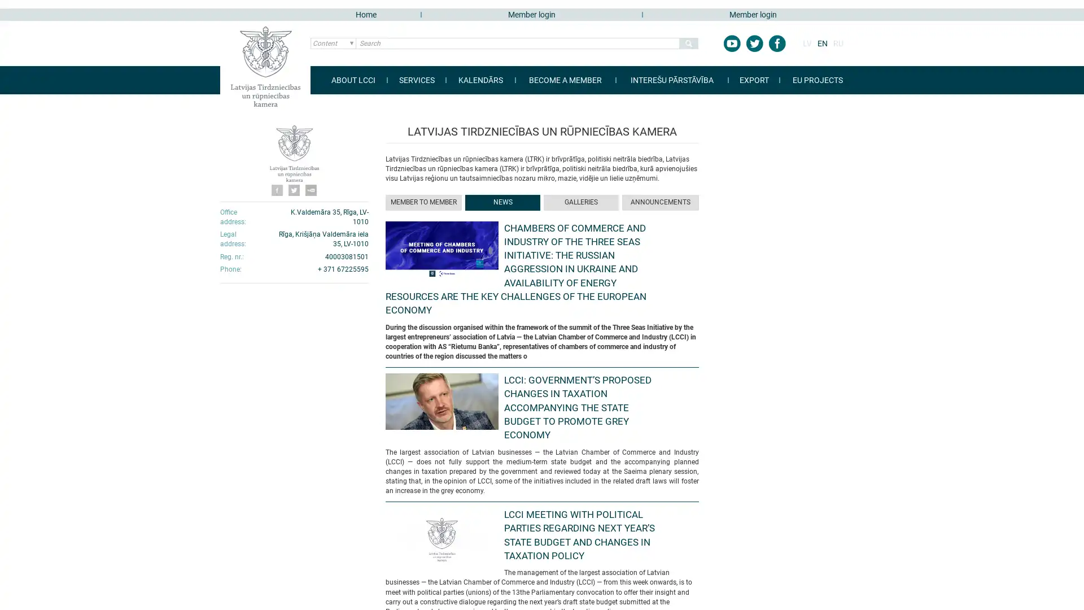  Describe the element at coordinates (688, 43) in the screenshot. I see `Search` at that location.